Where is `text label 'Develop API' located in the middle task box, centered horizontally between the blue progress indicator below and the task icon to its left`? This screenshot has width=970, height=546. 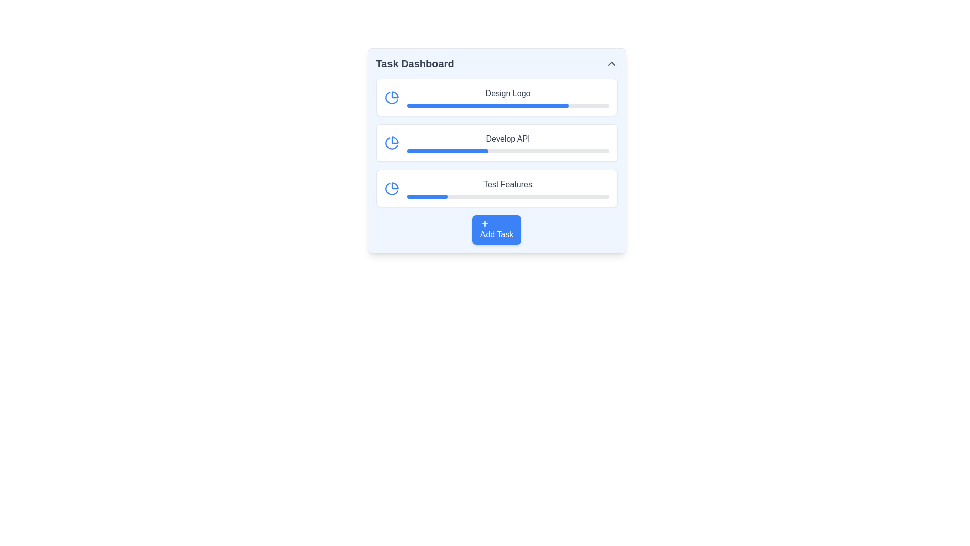 text label 'Develop API' located in the middle task box, centered horizontally between the blue progress indicator below and the task icon to its left is located at coordinates (508, 139).